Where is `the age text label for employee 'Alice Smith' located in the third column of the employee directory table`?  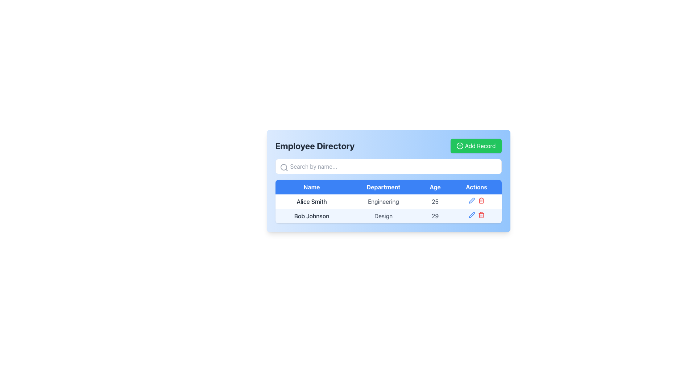
the age text label for employee 'Alice Smith' located in the third column of the employee directory table is located at coordinates (435, 201).